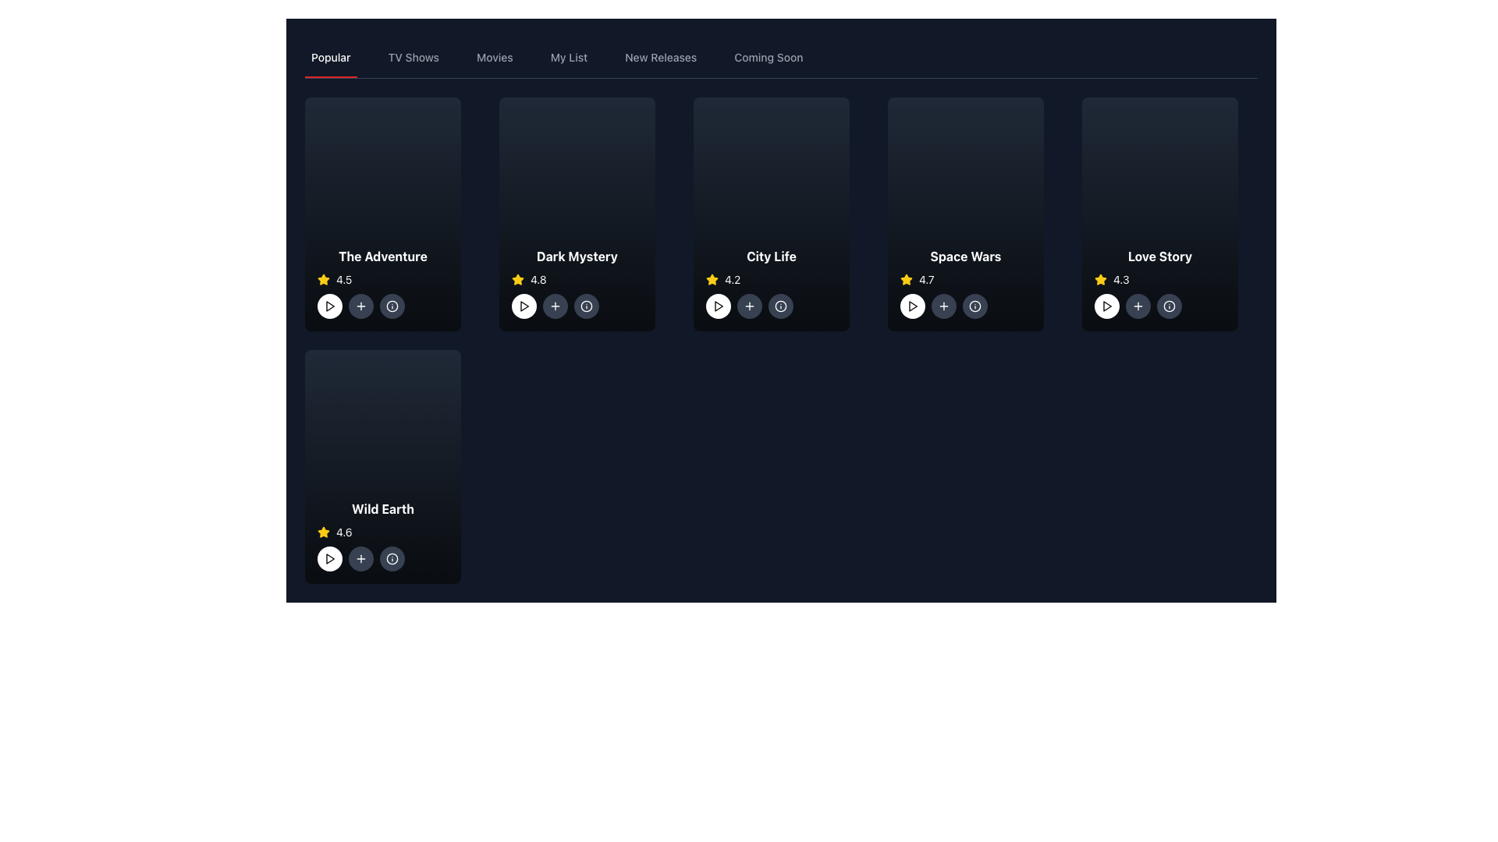 This screenshot has height=842, width=1498. Describe the element at coordinates (517, 278) in the screenshot. I see `the star icon representing the rating indicator for the 'Dark Mystery' movie to emphasize it visually` at that location.